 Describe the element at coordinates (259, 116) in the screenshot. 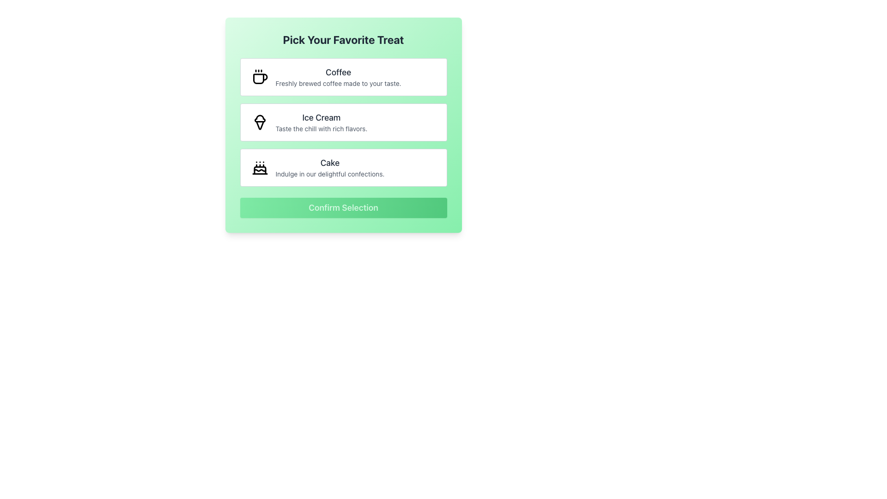

I see `the ice cream scoop icon, which is part of the vector graphic under the 'Ice Cream' option, located above the cone in the second card of options` at that location.